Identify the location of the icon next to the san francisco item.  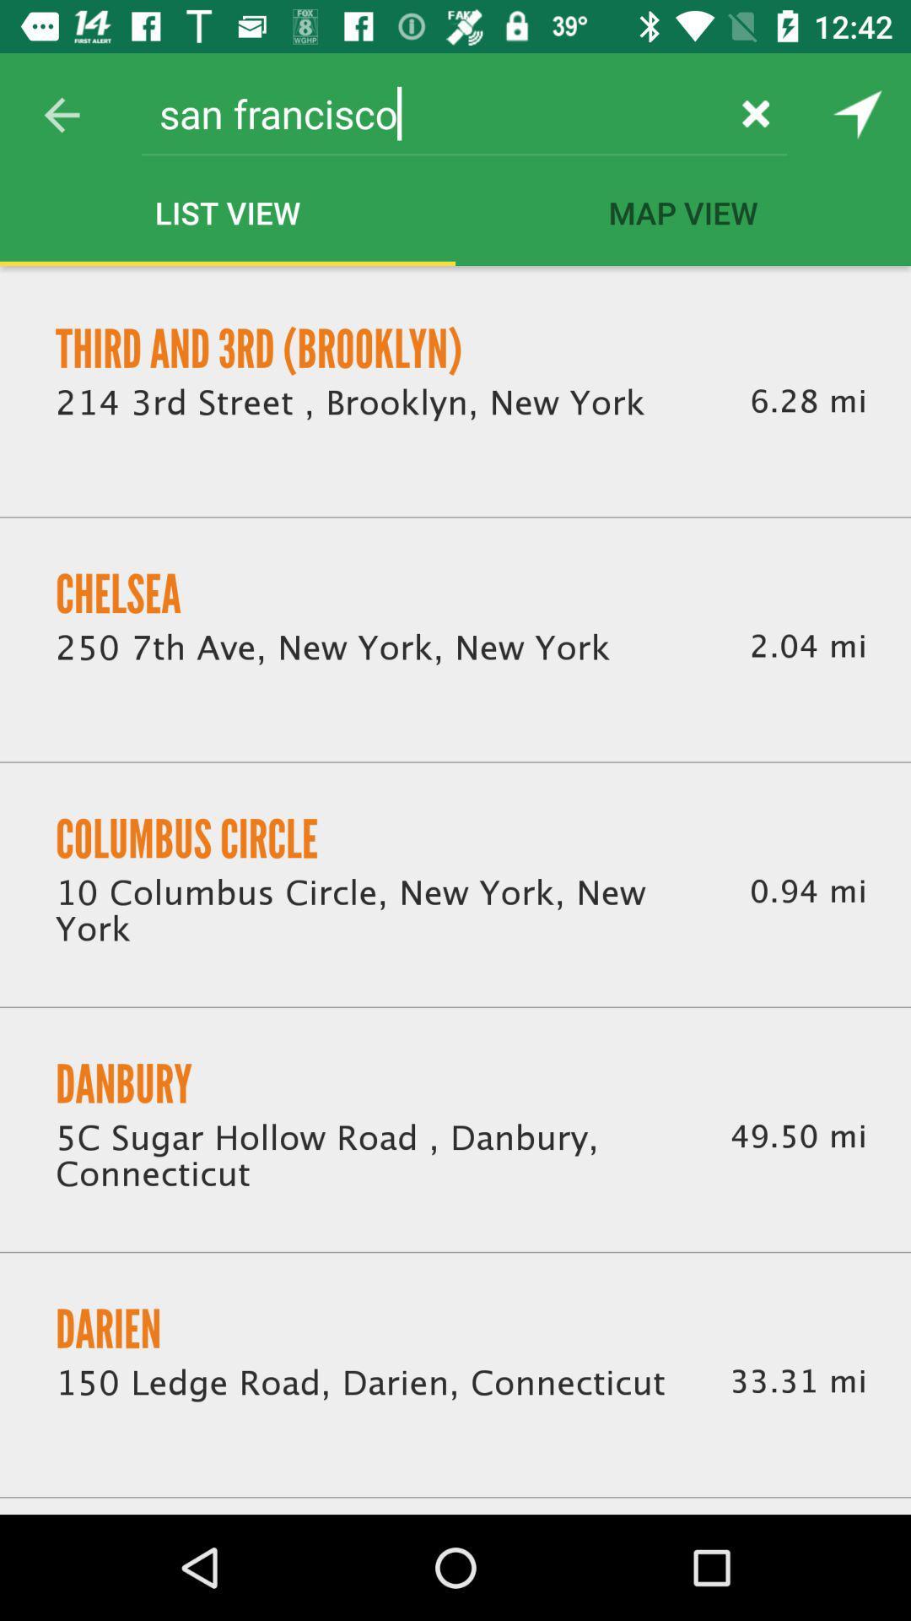
(61, 114).